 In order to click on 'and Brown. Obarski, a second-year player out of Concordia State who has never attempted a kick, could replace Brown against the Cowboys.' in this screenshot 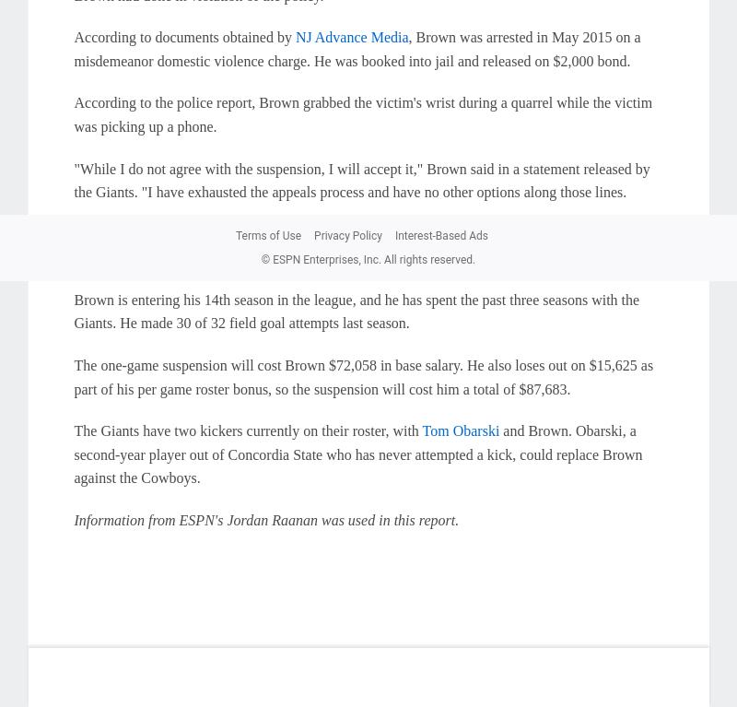, I will do `click(357, 454)`.